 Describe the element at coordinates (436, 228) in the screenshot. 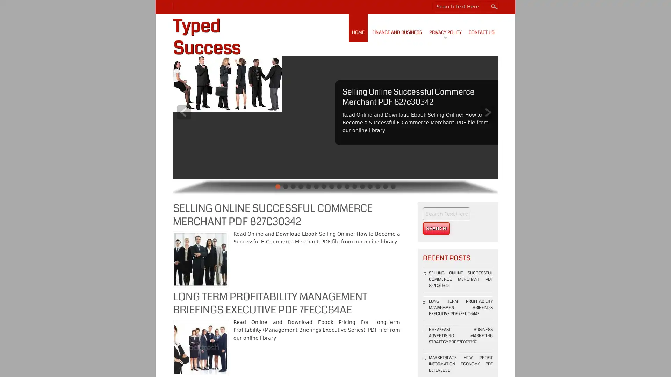

I see `Search` at that location.